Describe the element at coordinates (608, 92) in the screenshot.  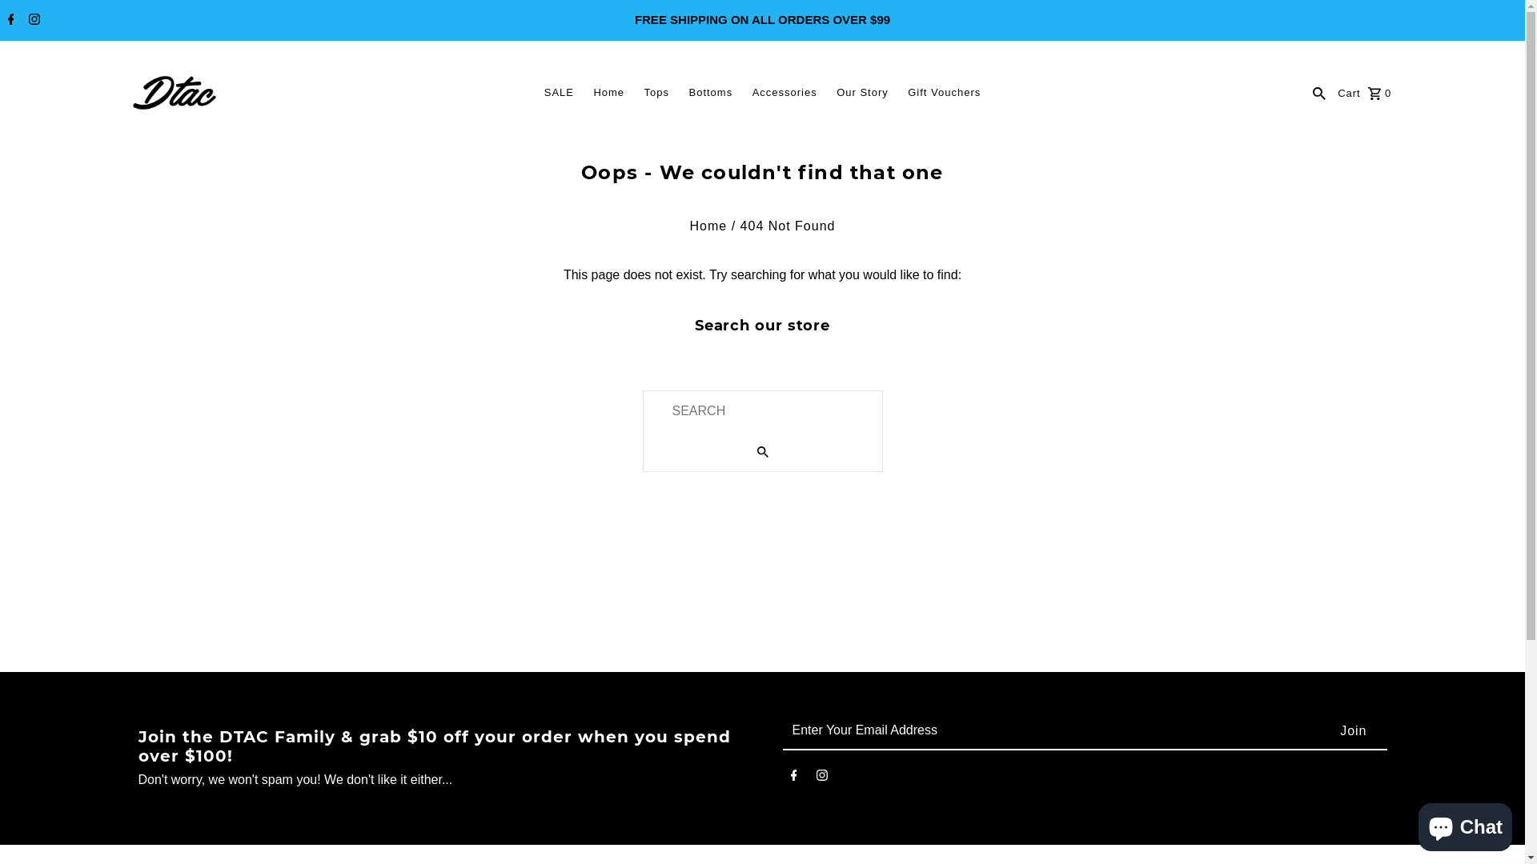
I see `'Home'` at that location.